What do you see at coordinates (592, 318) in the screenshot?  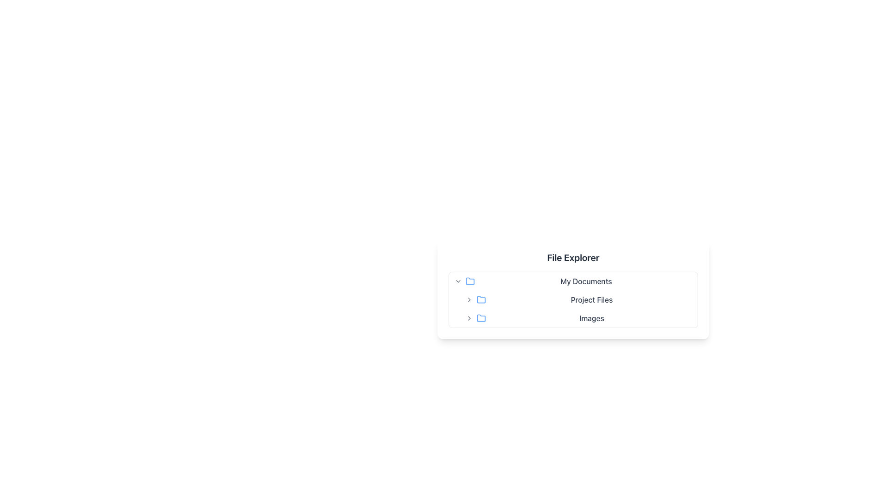 I see `the 'Images' label, which is a textual representation of a navigation item in the file explorer view, positioned to the right of a folder icon` at bounding box center [592, 318].